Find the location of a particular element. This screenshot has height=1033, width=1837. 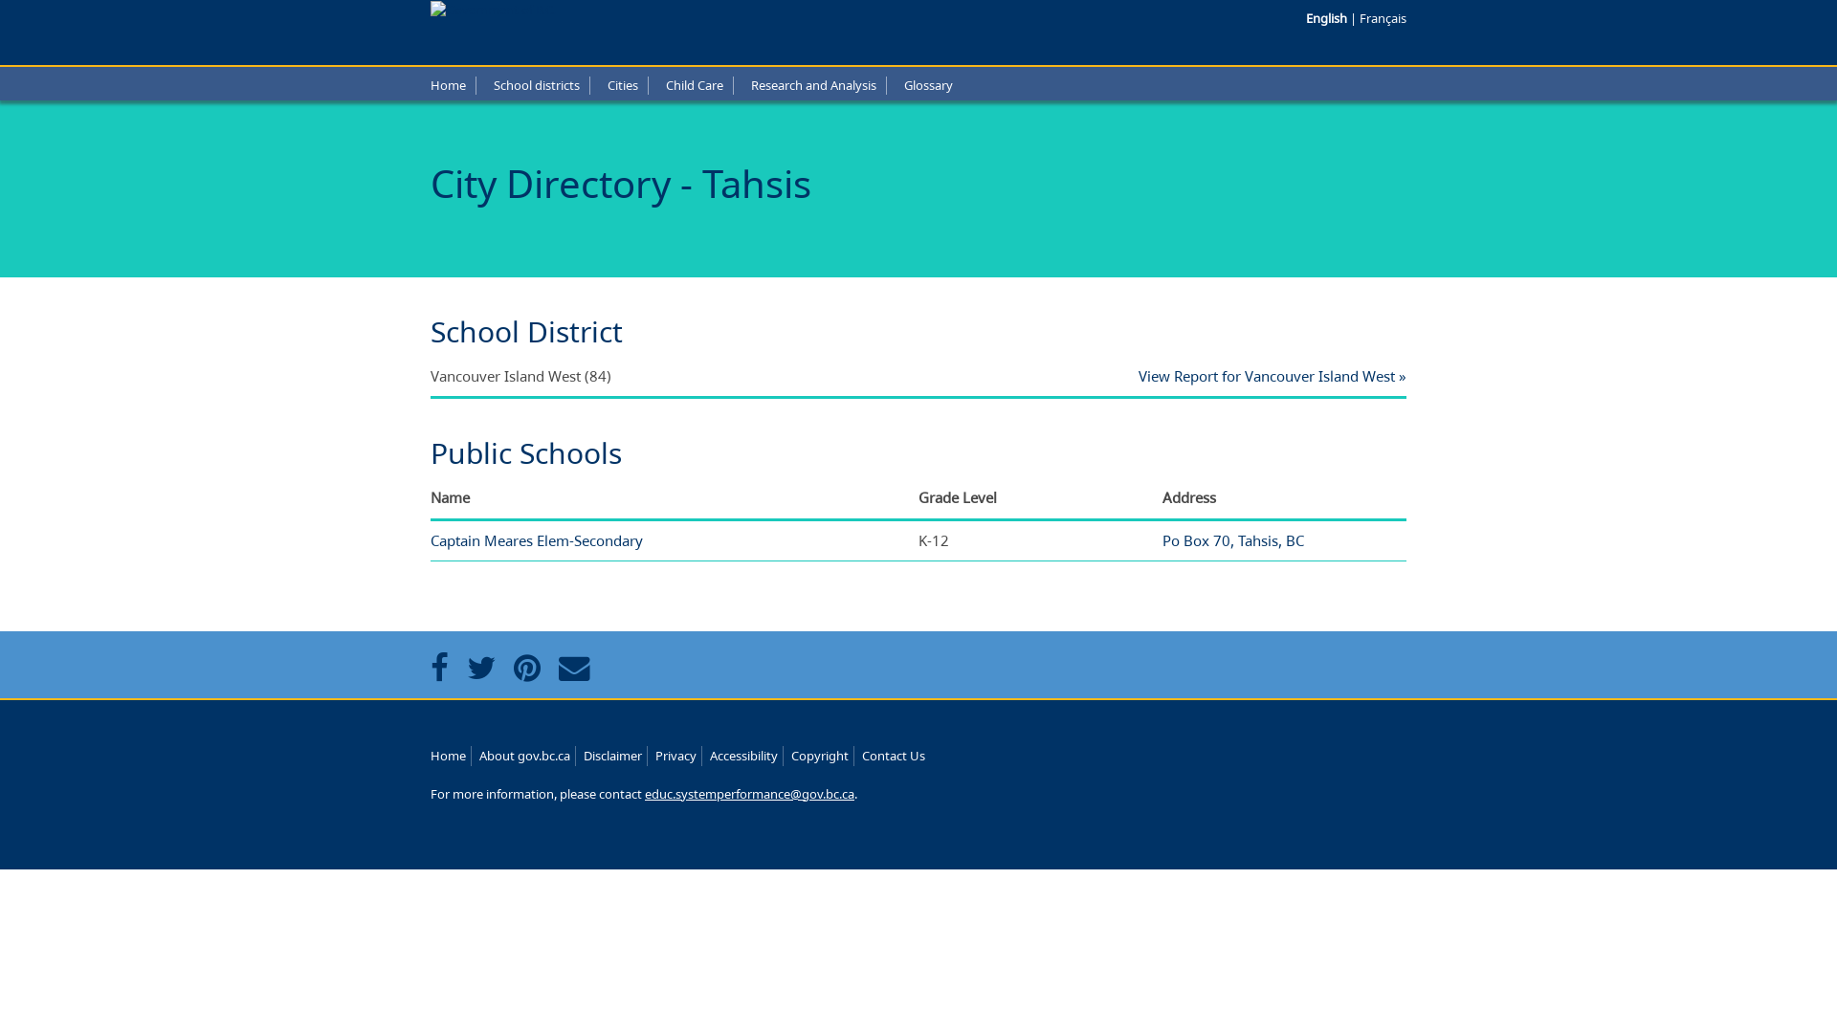

'Disclaimer' is located at coordinates (612, 755).